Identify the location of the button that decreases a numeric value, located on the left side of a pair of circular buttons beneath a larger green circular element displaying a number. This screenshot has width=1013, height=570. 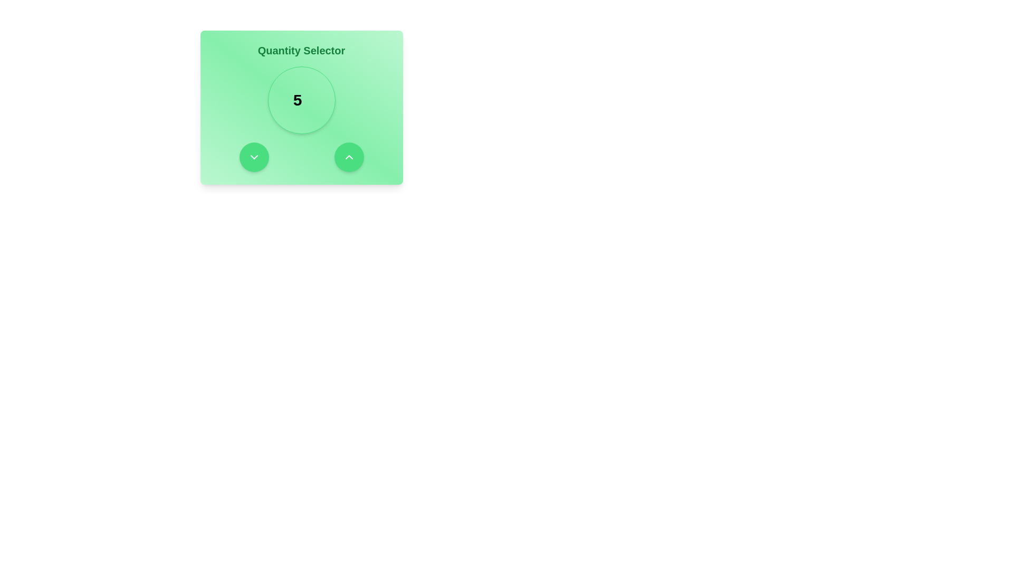
(254, 157).